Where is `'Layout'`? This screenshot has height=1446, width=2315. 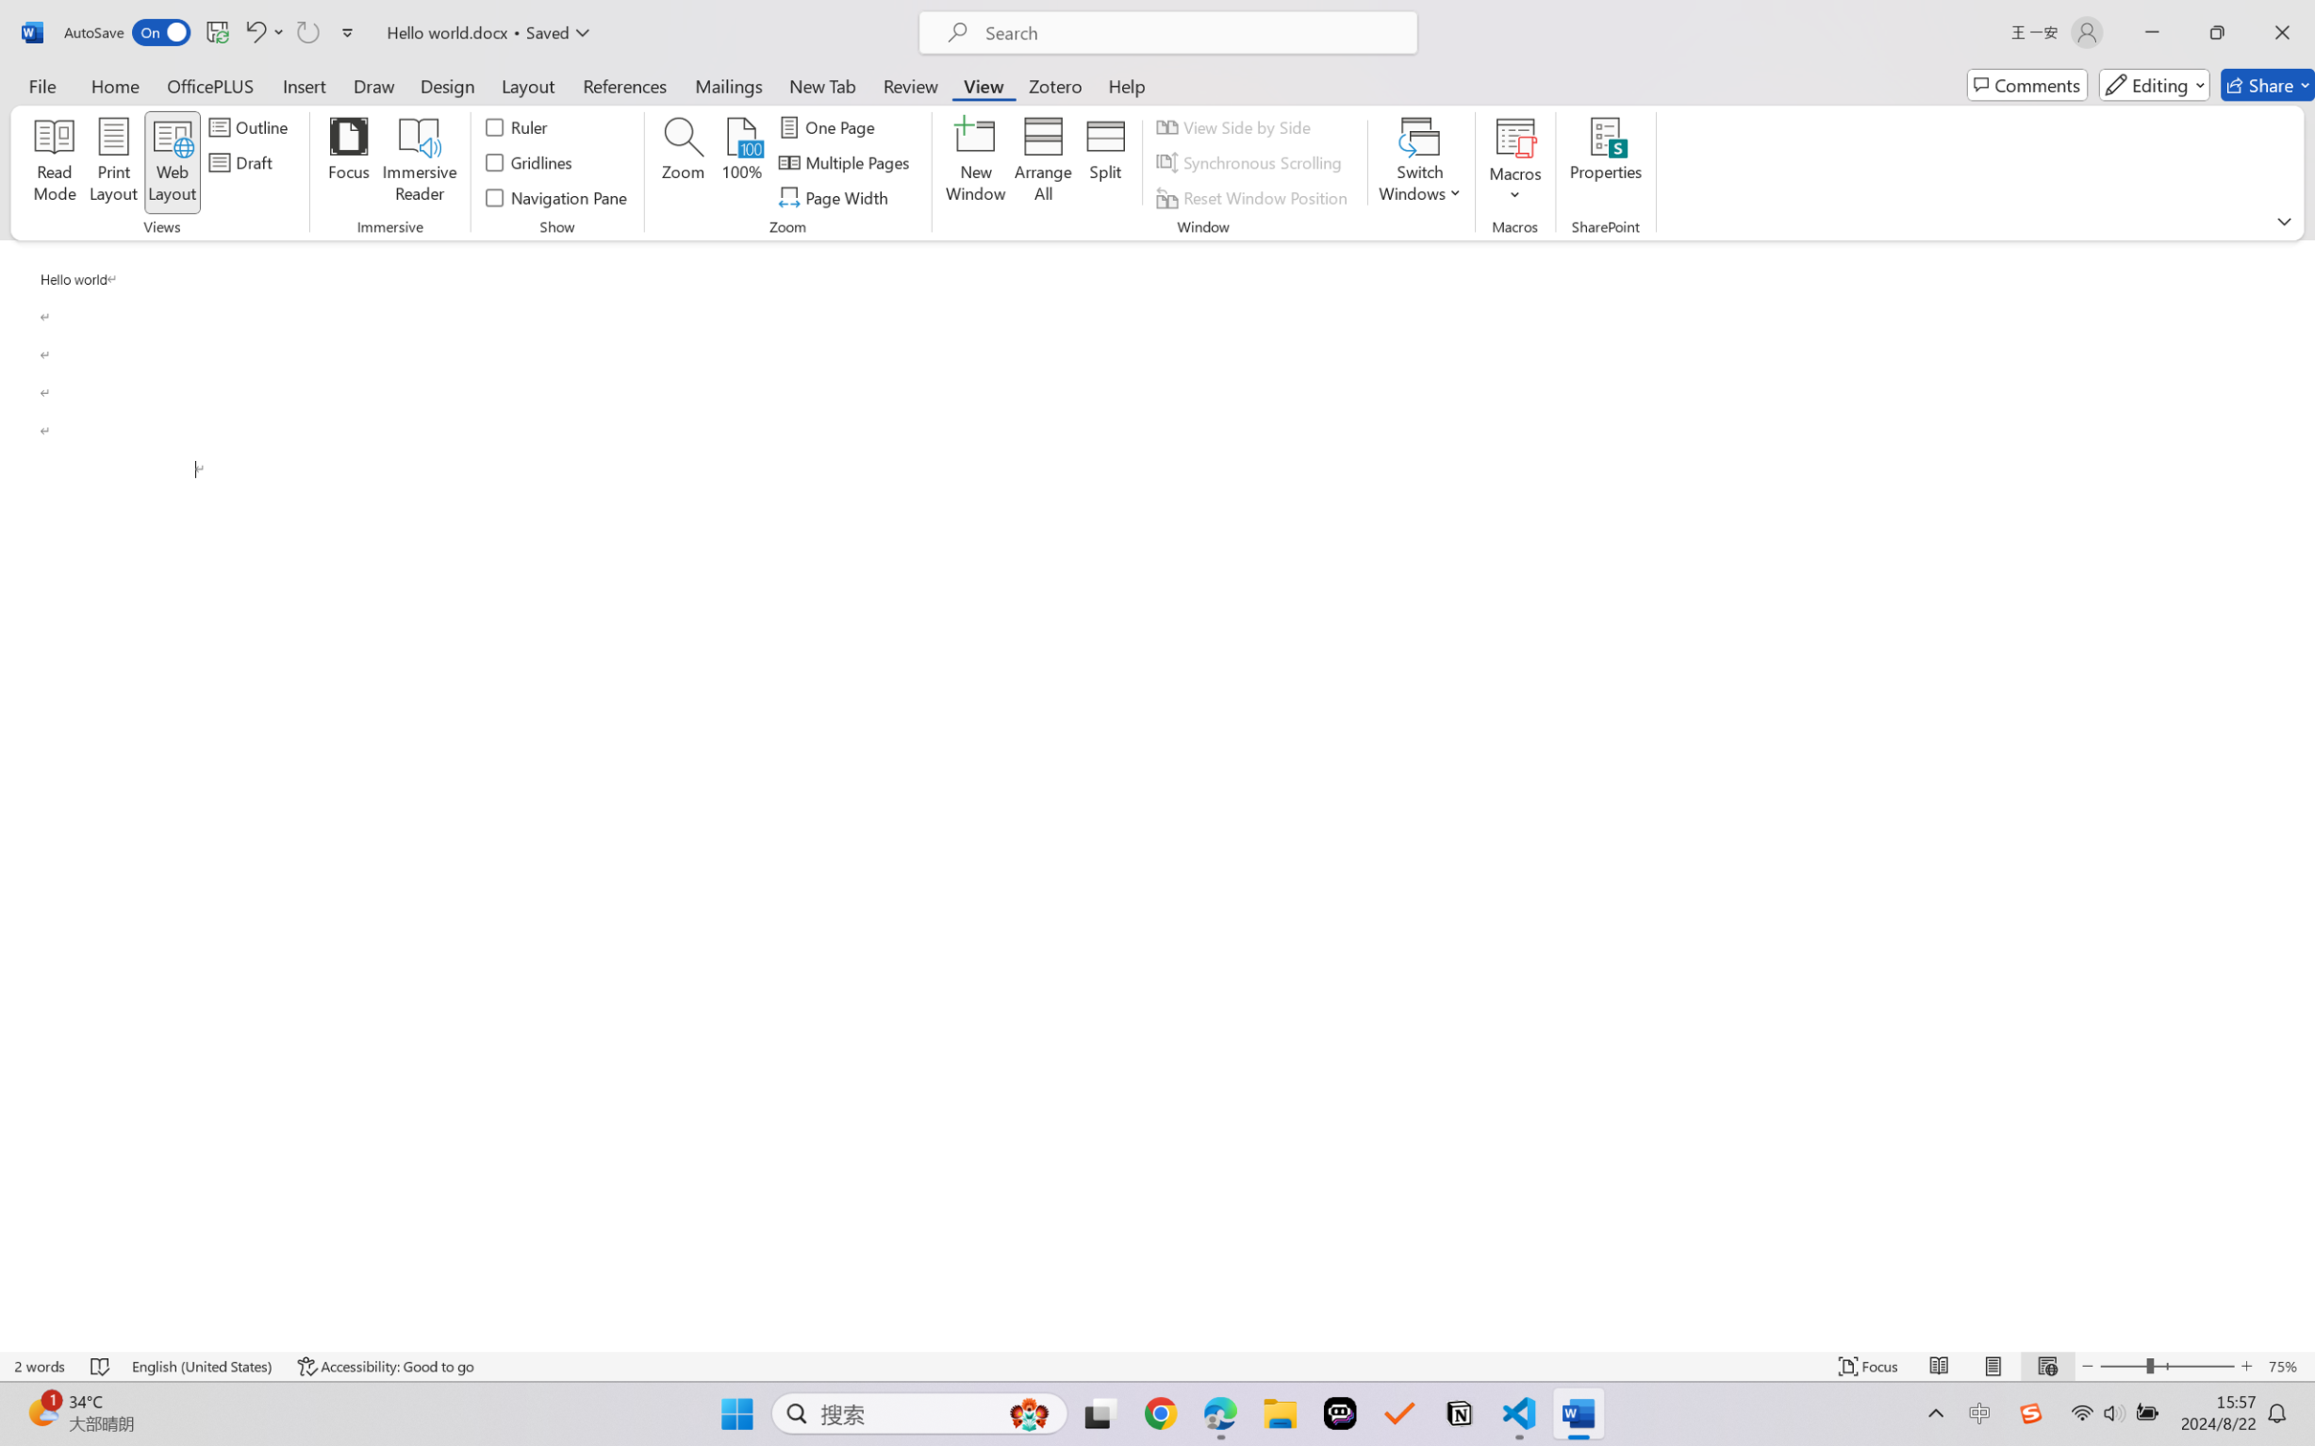
'Layout' is located at coordinates (526, 84).